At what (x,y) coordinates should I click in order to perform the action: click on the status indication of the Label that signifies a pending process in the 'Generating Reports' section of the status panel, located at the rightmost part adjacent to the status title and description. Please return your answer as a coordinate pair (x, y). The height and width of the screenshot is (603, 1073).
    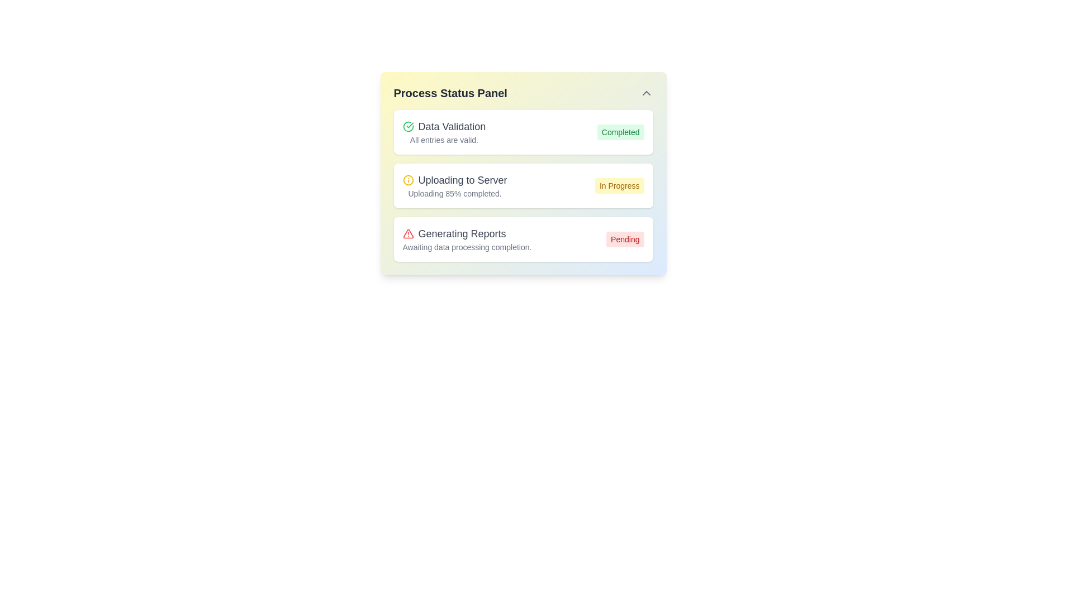
    Looking at the image, I should click on (624, 238).